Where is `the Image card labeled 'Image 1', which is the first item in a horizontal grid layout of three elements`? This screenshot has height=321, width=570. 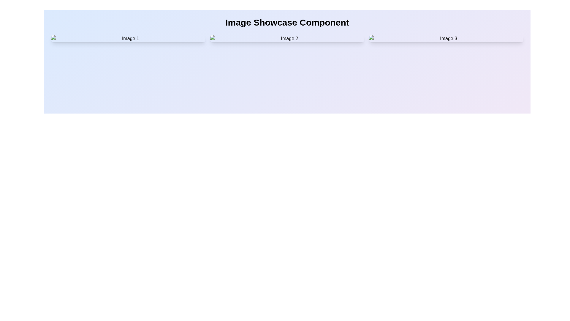
the Image card labeled 'Image 1', which is the first item in a horizontal grid layout of three elements is located at coordinates (128, 39).